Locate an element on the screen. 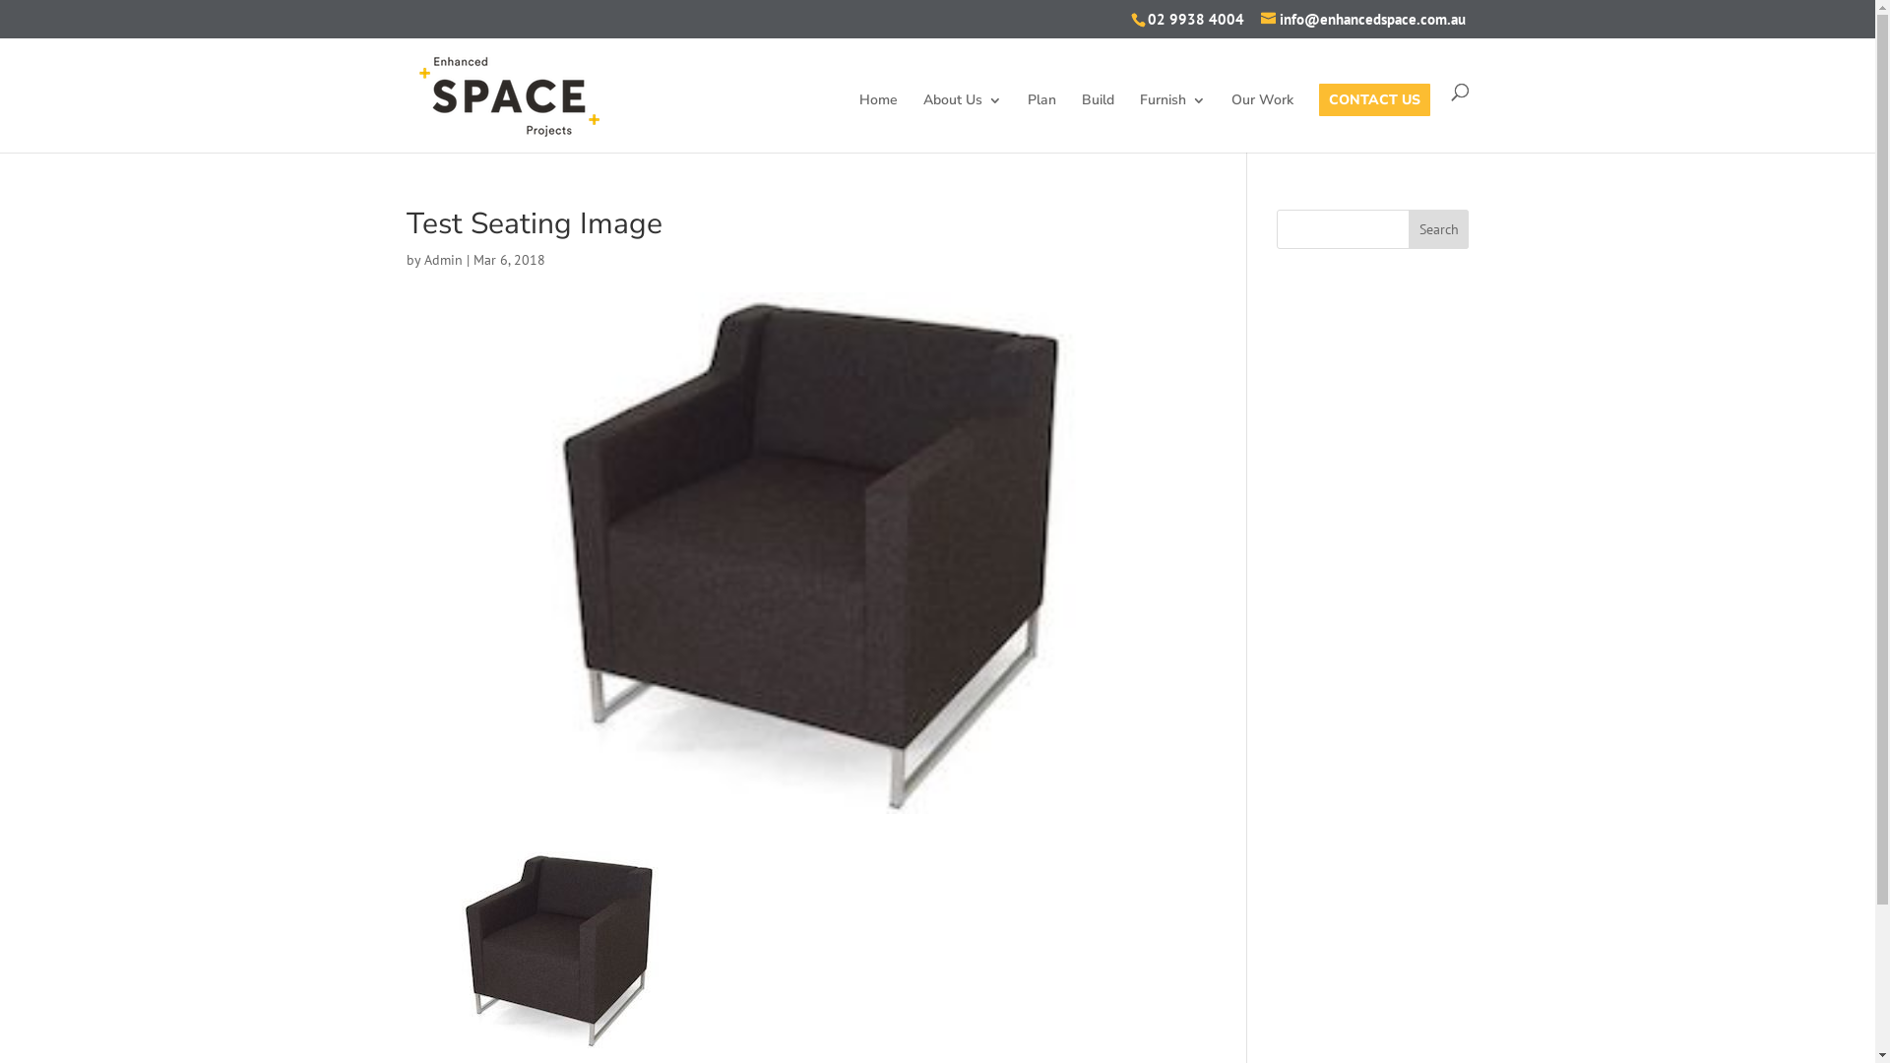 This screenshot has height=1063, width=1890. '02 9938 4004' is located at coordinates (1194, 19).